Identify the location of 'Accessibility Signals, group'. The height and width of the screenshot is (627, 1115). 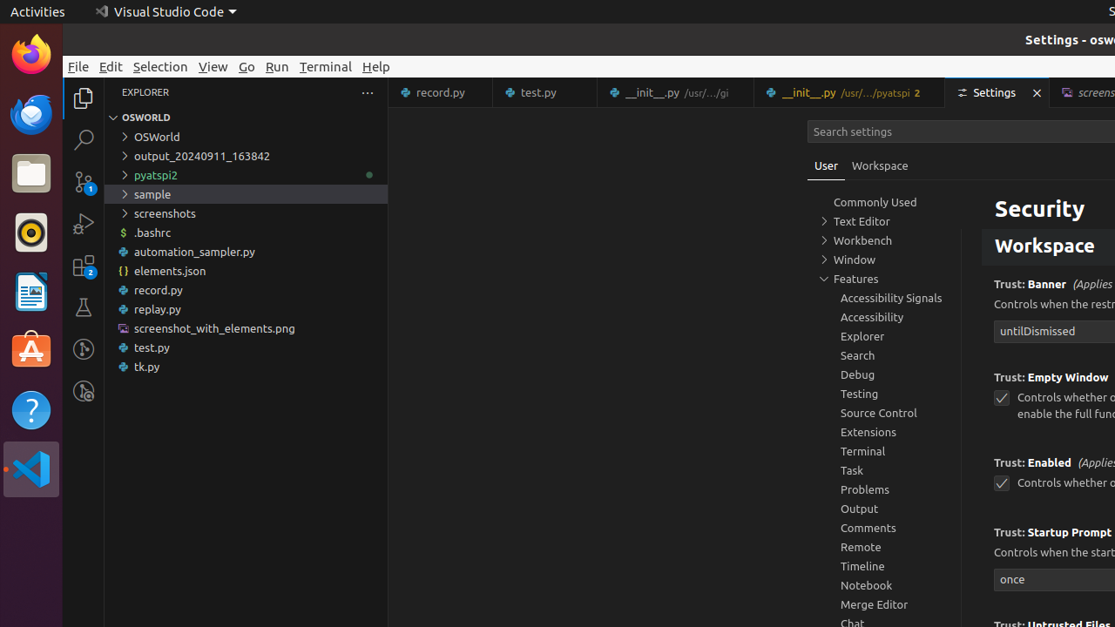
(884, 297).